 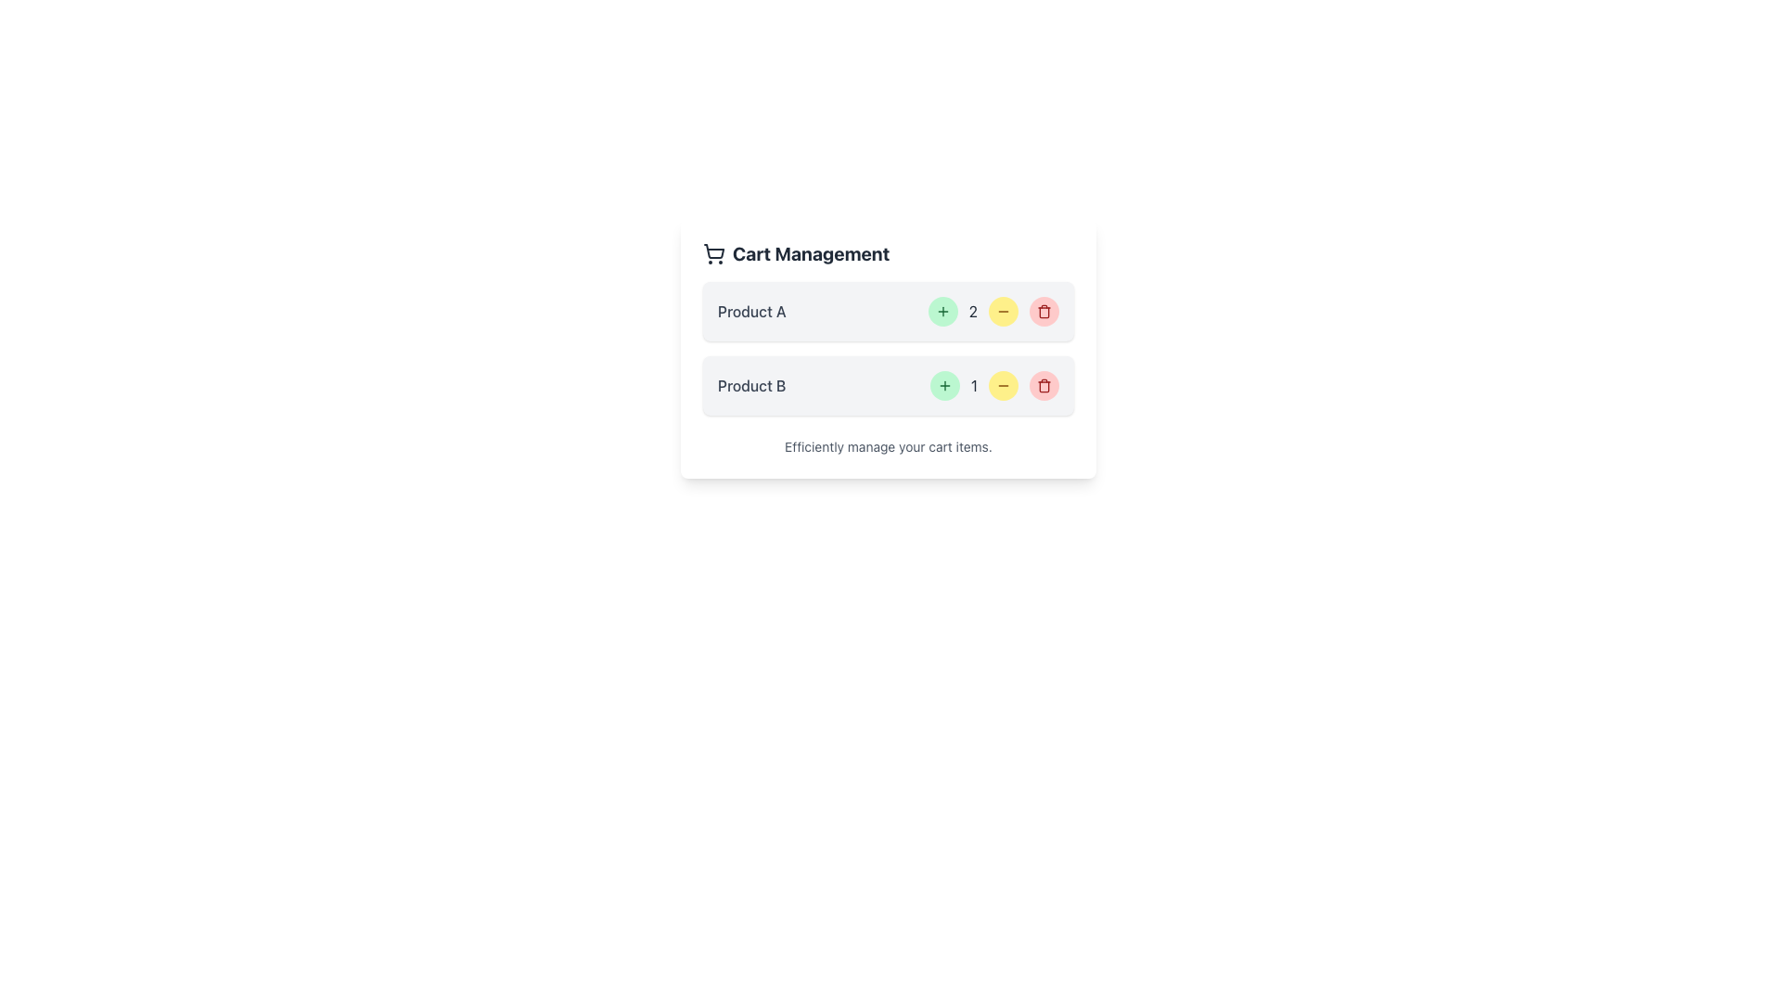 What do you see at coordinates (972, 310) in the screenshot?
I see `the text display that shows the current count or quantity associated with an item, positioned centrally between the green plus button and the yellow minus button` at bounding box center [972, 310].